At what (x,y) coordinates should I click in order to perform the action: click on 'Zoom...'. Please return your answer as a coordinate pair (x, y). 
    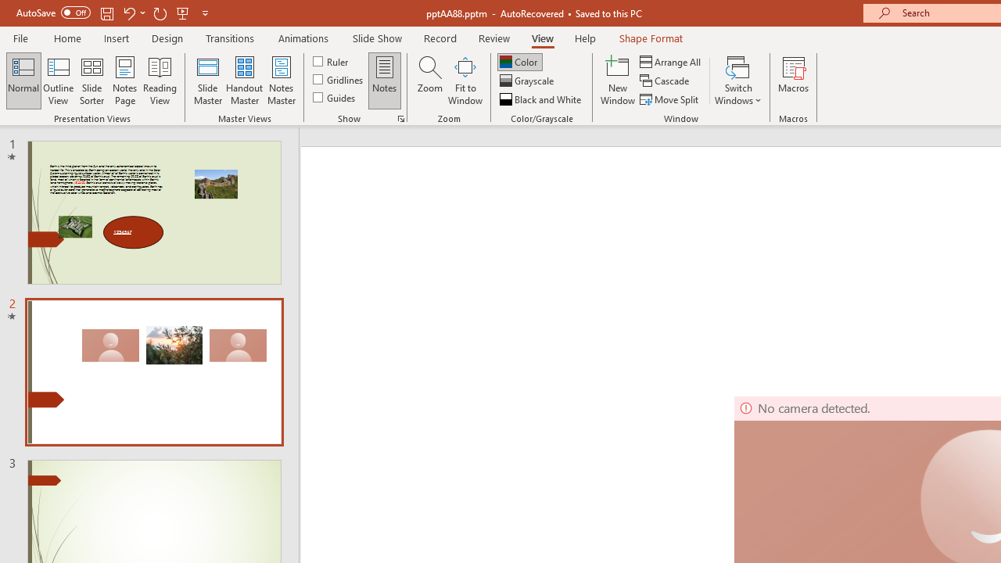
    Looking at the image, I should click on (429, 81).